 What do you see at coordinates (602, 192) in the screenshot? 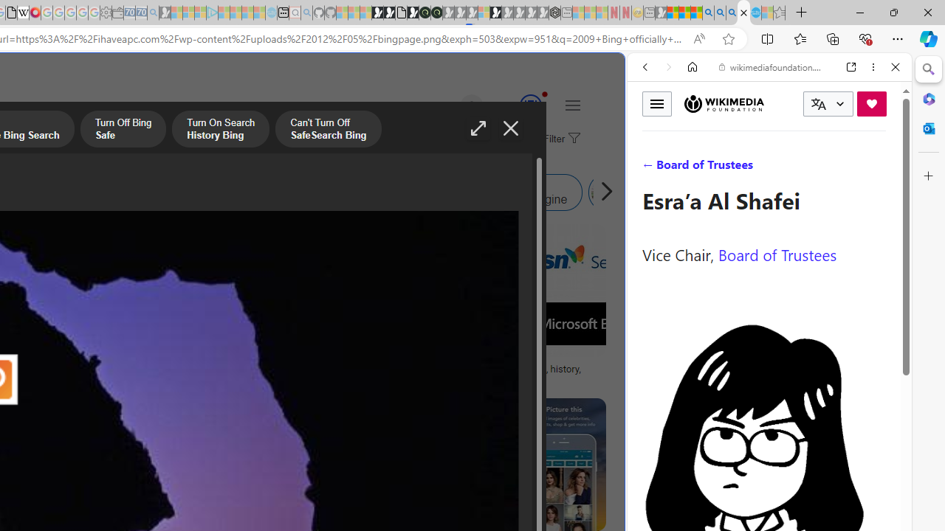
I see `'Scroll right'` at bounding box center [602, 192].